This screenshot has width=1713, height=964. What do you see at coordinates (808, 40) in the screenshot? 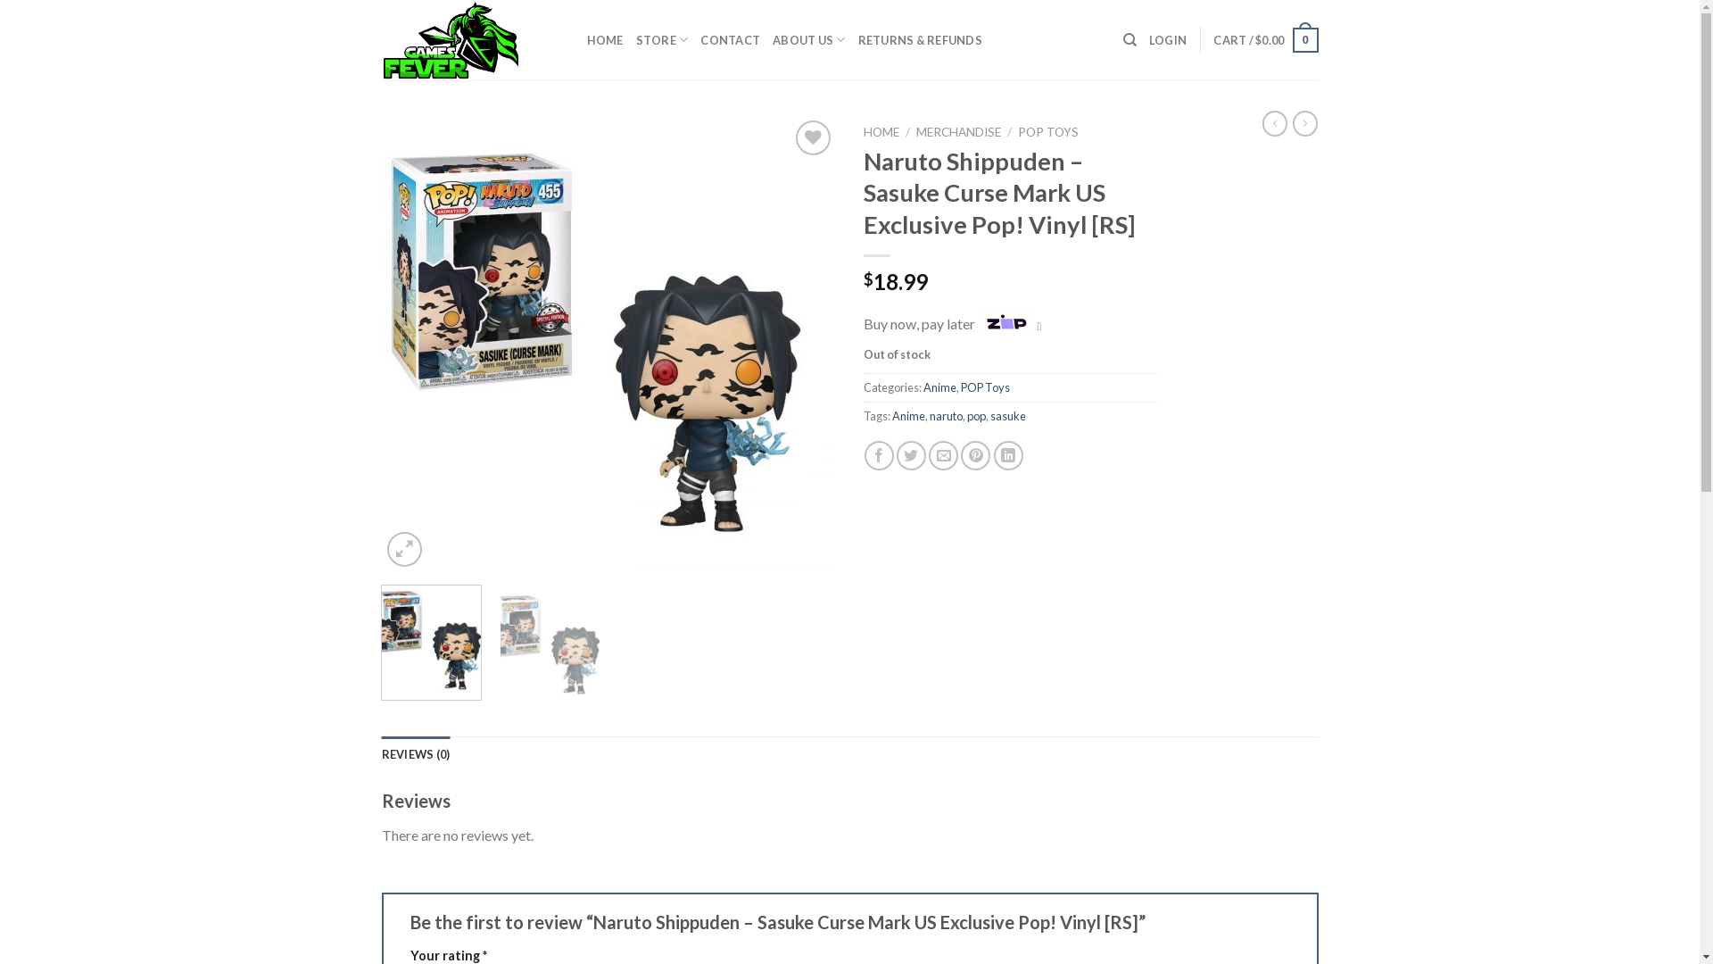
I see `'ABOUT US'` at bounding box center [808, 40].